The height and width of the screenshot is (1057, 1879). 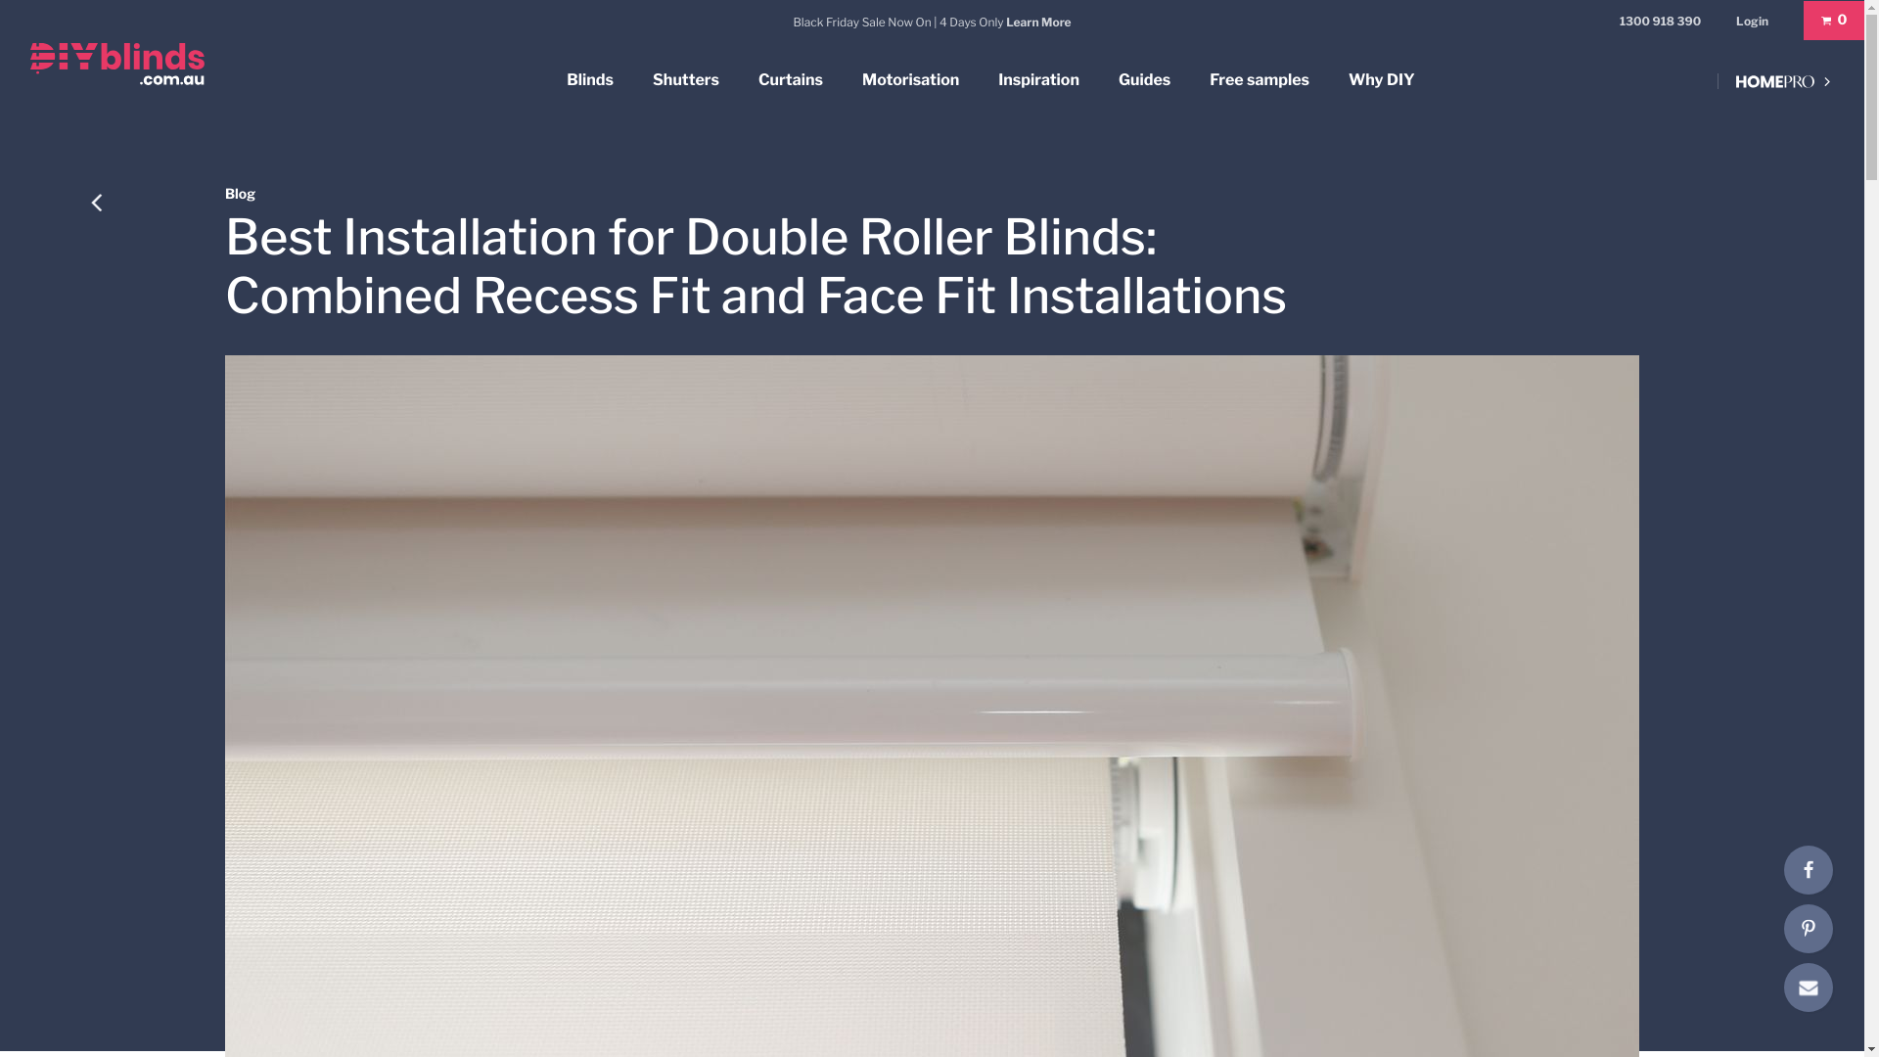 What do you see at coordinates (589, 79) in the screenshot?
I see `'Blinds'` at bounding box center [589, 79].